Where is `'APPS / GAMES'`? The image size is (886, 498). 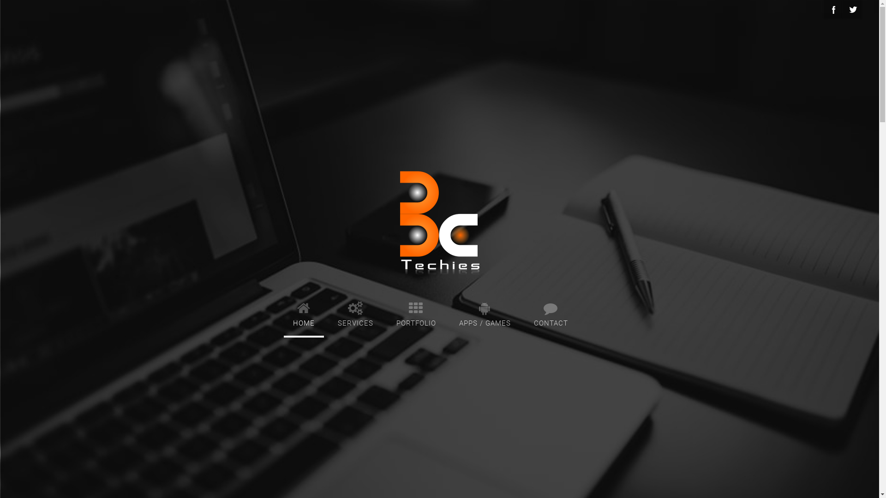
'APPS / GAMES' is located at coordinates (484, 312).